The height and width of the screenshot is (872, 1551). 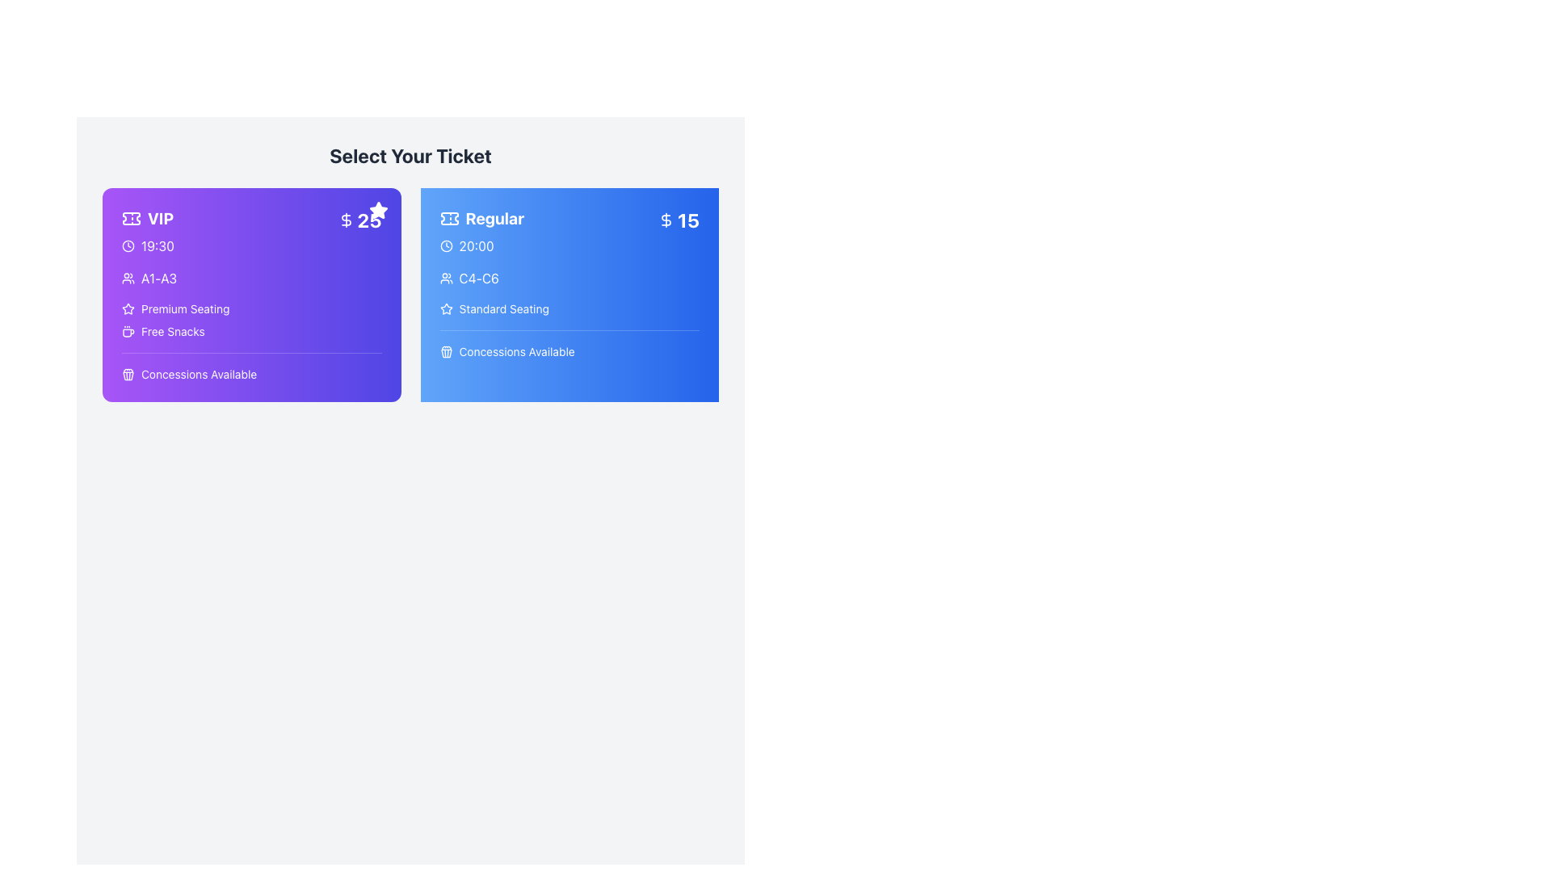 What do you see at coordinates (446, 277) in the screenshot?
I see `the user-related information icon located to the immediate left of the text 'C4-C6' in the 'Regular' ticket details card` at bounding box center [446, 277].